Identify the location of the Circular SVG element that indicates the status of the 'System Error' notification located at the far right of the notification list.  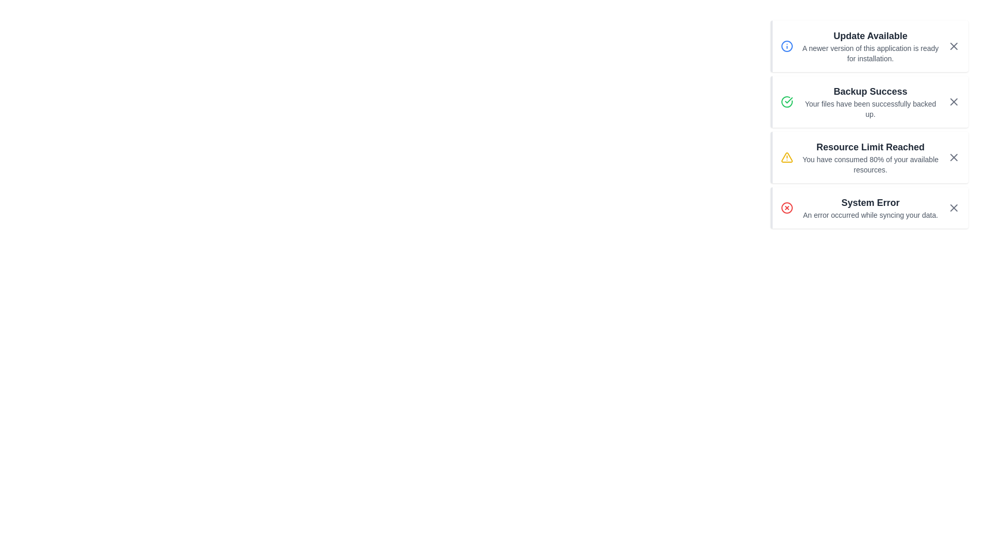
(786, 208).